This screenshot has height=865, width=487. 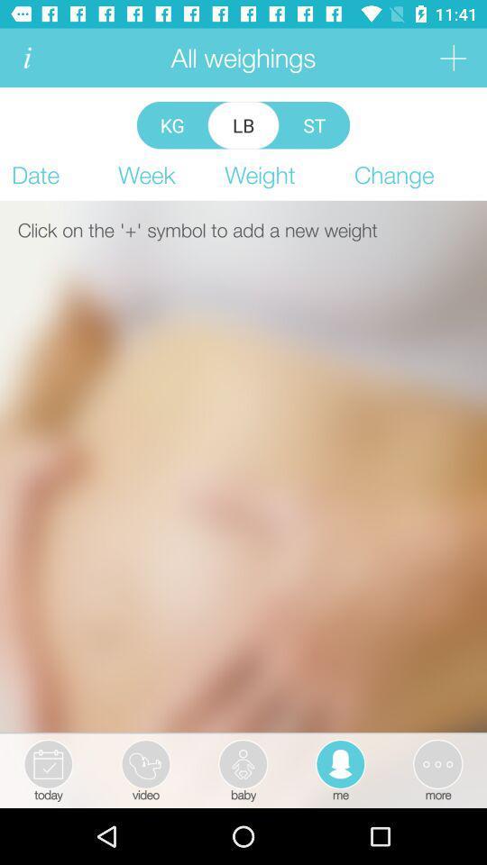 What do you see at coordinates (452, 58) in the screenshot?
I see `a new weight` at bounding box center [452, 58].